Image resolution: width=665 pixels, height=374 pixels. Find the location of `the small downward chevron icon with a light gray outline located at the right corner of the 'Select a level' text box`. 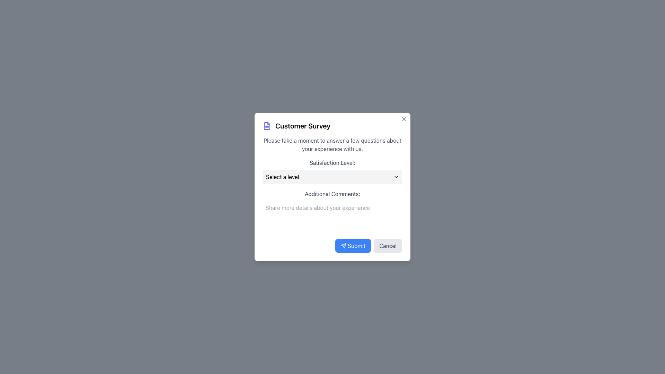

the small downward chevron icon with a light gray outline located at the right corner of the 'Select a level' text box is located at coordinates (396, 176).